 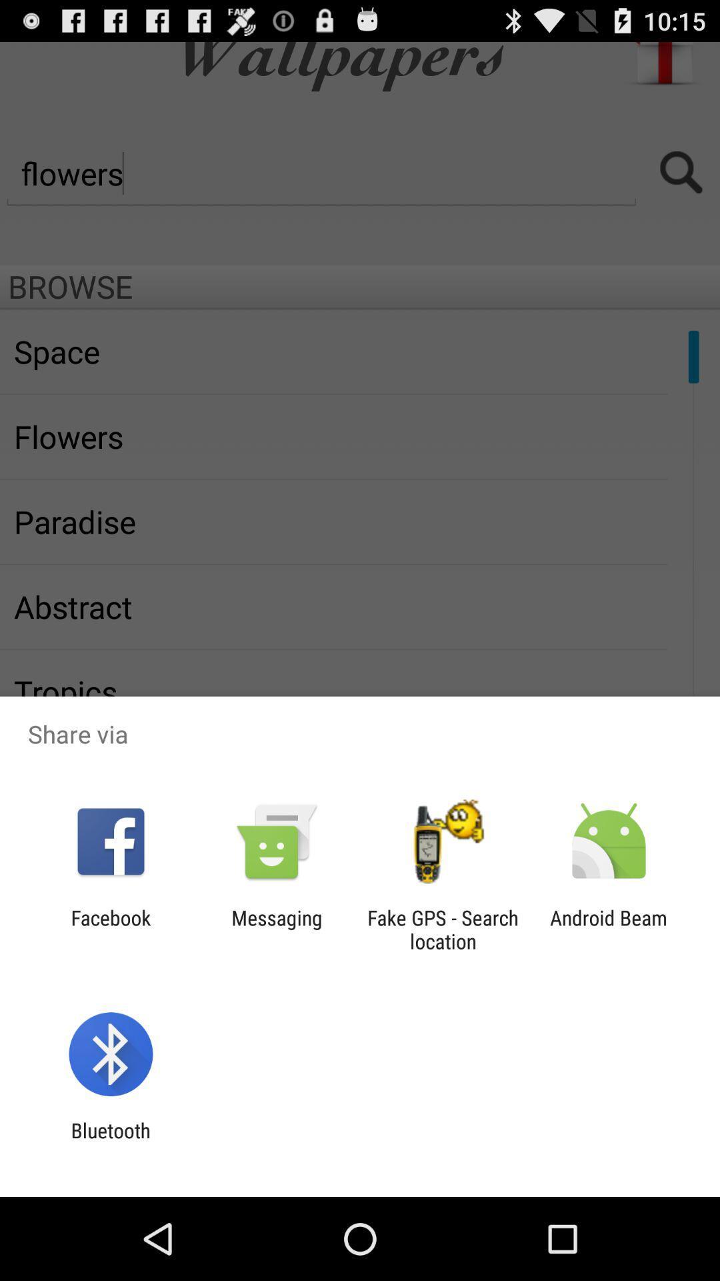 I want to click on bluetooth item, so click(x=110, y=1142).